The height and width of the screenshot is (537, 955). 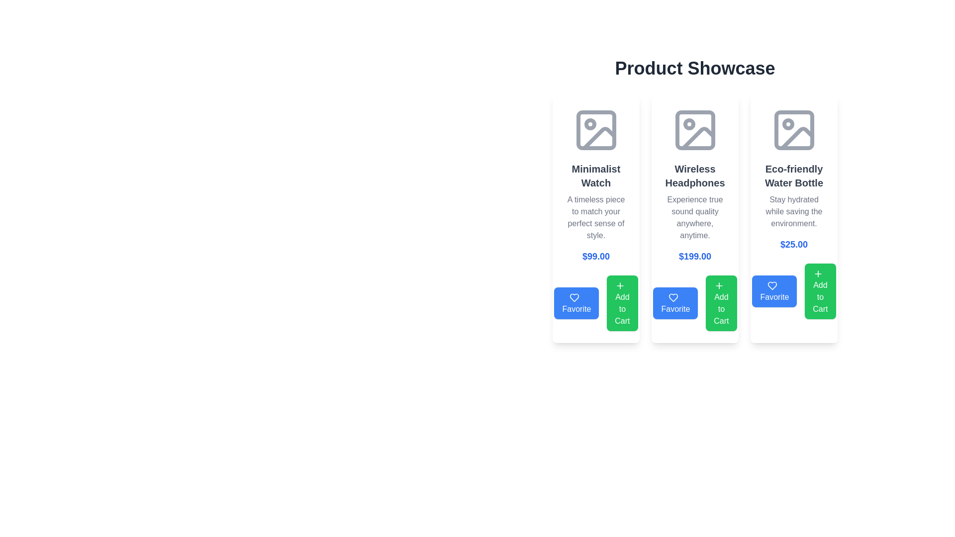 What do you see at coordinates (694, 176) in the screenshot?
I see `the title text of the product showcased in the center of the second card, which is located below an icon placeholder and above descriptive text` at bounding box center [694, 176].